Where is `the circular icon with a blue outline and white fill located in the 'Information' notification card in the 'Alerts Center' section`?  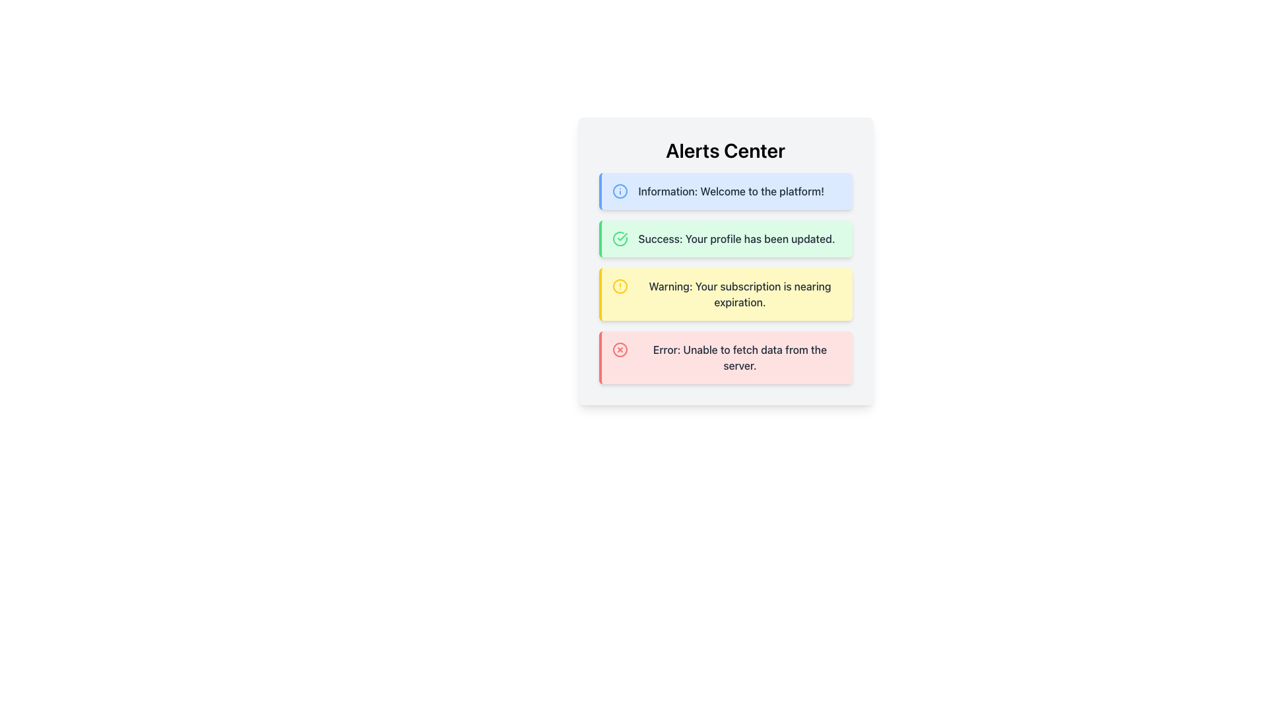 the circular icon with a blue outline and white fill located in the 'Information' notification card in the 'Alerts Center' section is located at coordinates (619, 191).